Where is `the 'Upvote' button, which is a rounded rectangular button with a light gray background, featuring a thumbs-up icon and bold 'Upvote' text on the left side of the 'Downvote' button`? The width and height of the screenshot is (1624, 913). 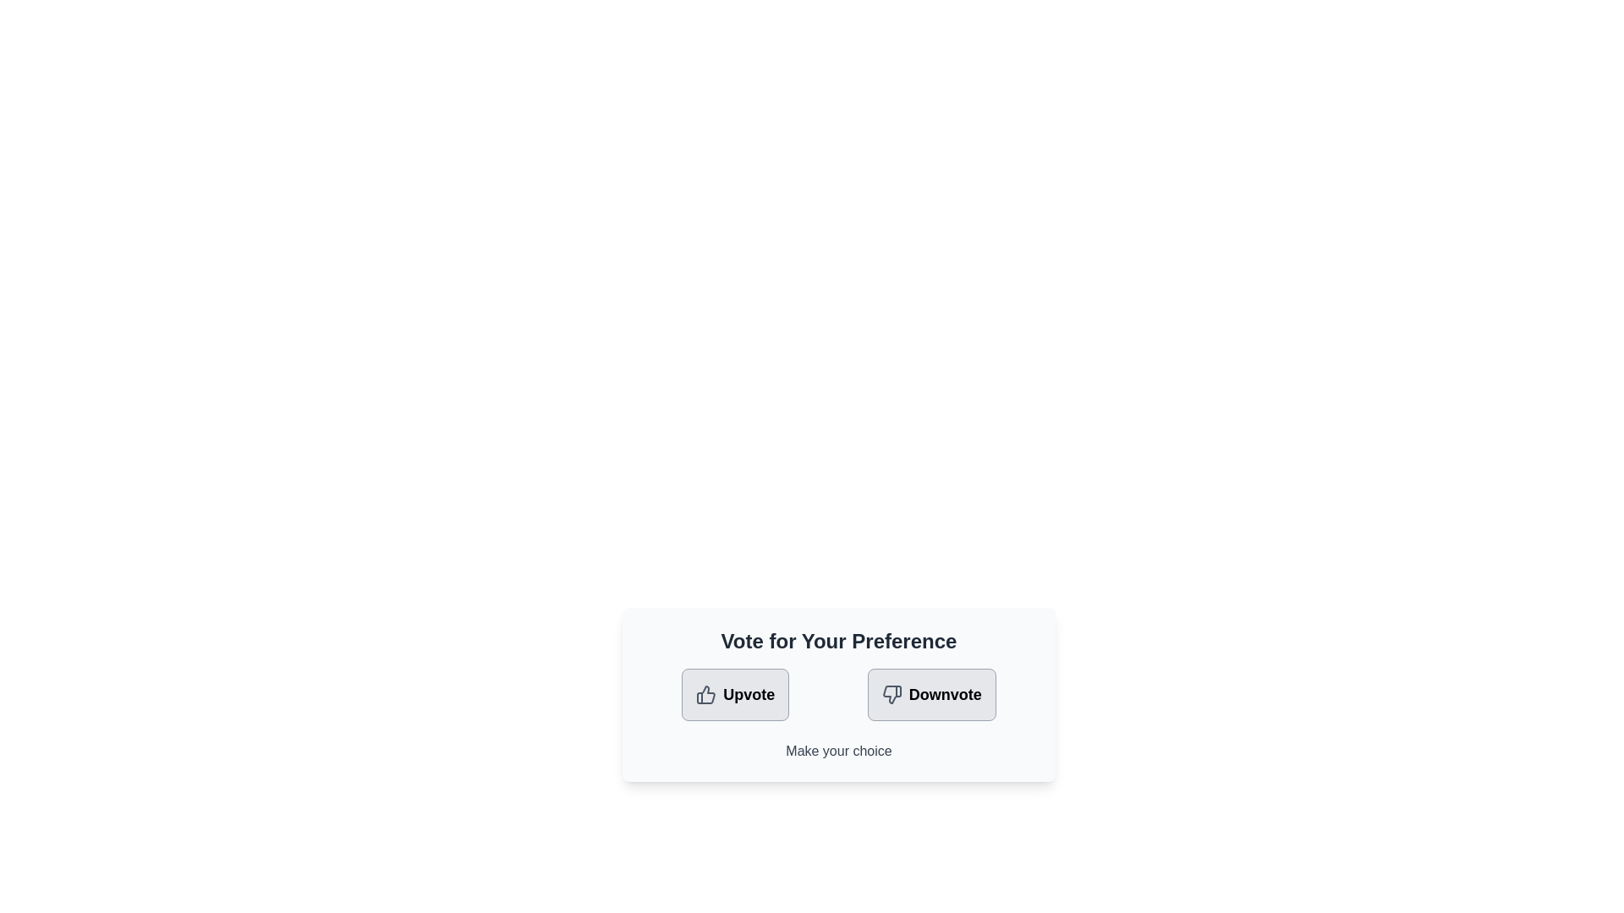 the 'Upvote' button, which is a rounded rectangular button with a light gray background, featuring a thumbs-up icon and bold 'Upvote' text on the left side of the 'Downvote' button is located at coordinates (735, 694).